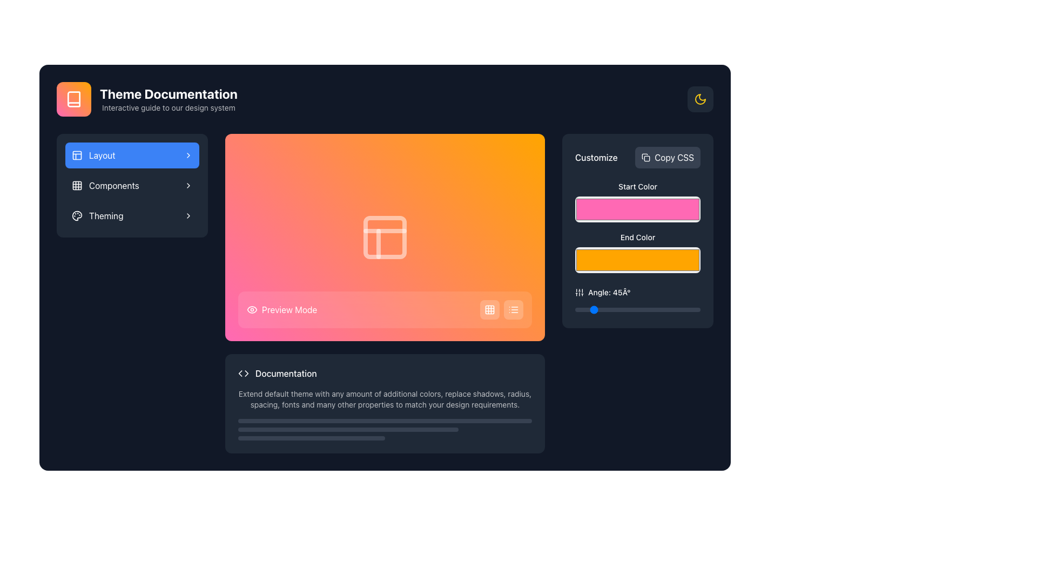 The height and width of the screenshot is (583, 1037). What do you see at coordinates (656, 310) in the screenshot?
I see `the slider value` at bounding box center [656, 310].